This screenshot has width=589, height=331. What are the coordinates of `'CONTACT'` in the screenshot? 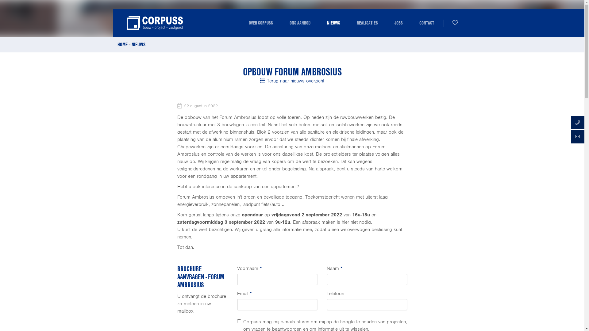 It's located at (426, 22).